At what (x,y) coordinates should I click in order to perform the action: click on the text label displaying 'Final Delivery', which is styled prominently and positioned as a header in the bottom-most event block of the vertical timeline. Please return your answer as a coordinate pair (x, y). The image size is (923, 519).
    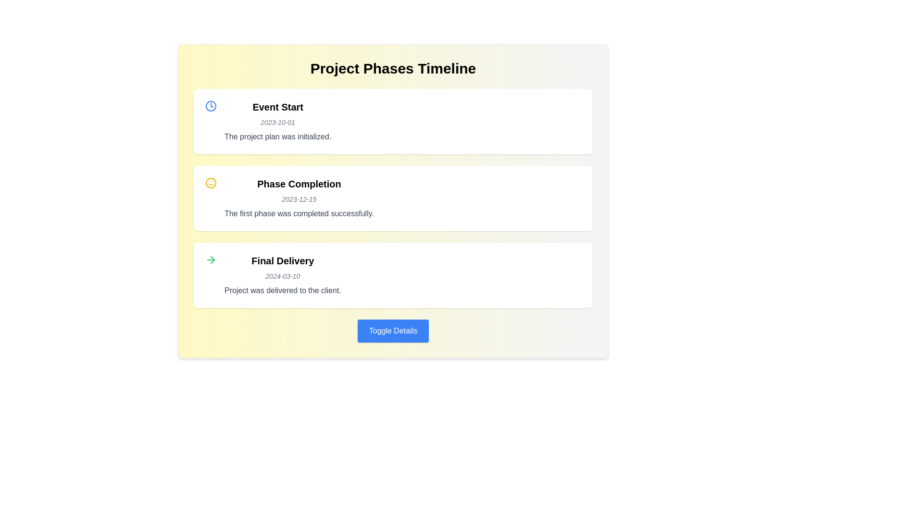
    Looking at the image, I should click on (282, 261).